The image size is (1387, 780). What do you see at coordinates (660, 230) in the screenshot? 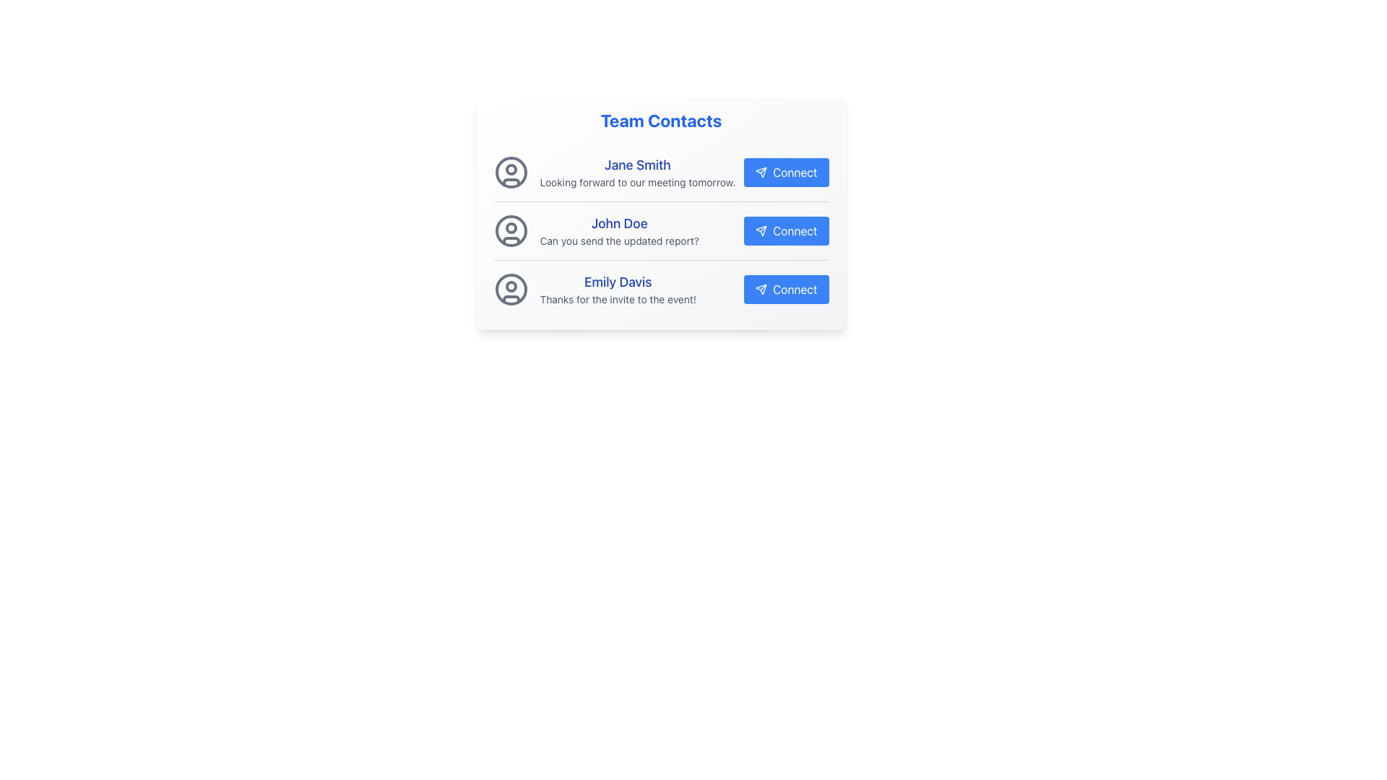
I see `the contact entry row for the second contact in the list, which includes the contact's name and message preview` at bounding box center [660, 230].